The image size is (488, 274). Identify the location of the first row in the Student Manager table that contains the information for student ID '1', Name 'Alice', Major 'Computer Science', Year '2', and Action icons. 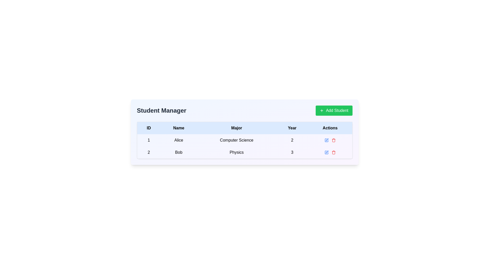
(245, 140).